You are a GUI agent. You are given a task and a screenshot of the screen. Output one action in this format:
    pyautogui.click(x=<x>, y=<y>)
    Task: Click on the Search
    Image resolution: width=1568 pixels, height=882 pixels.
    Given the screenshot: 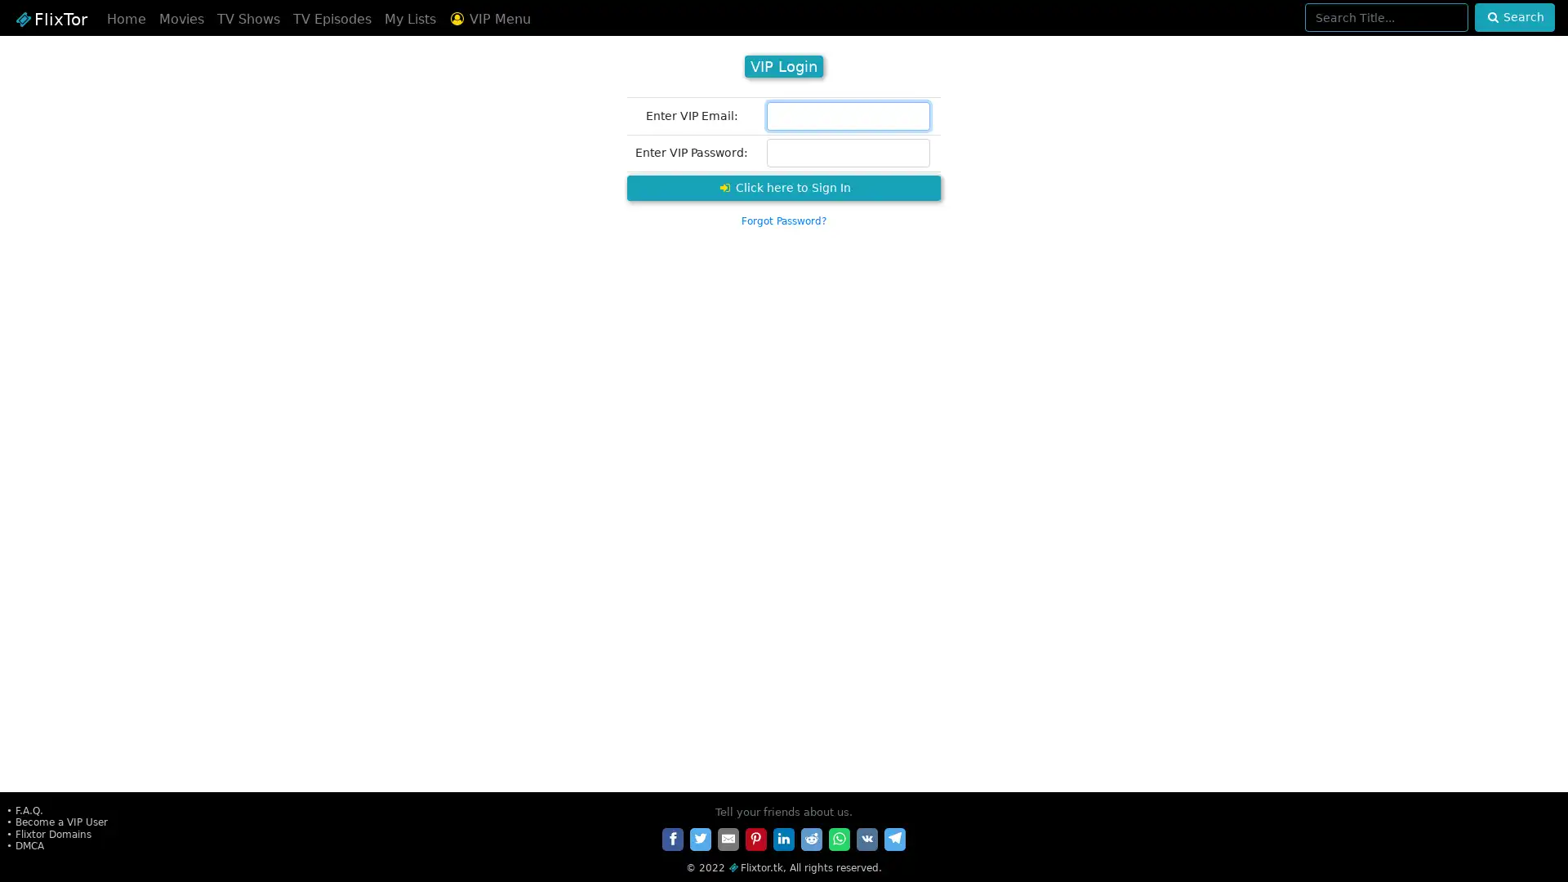 What is the action you would take?
    pyautogui.click(x=1513, y=17)
    